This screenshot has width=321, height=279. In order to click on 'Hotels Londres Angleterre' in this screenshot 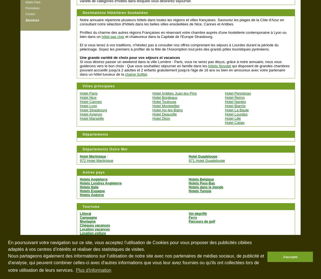, I will do `click(100, 183)`.